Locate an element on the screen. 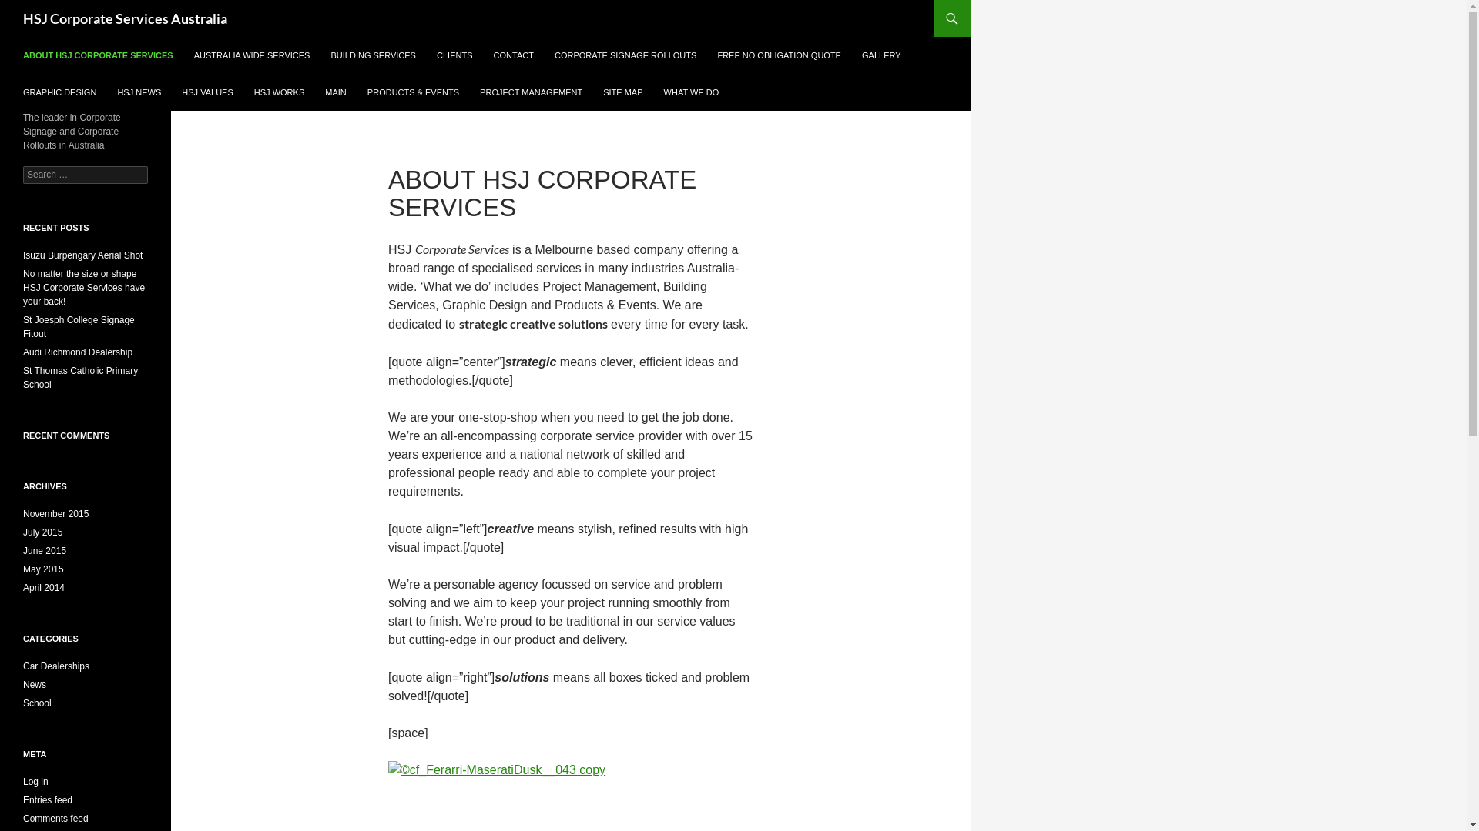  'May 2015' is located at coordinates (43, 569).